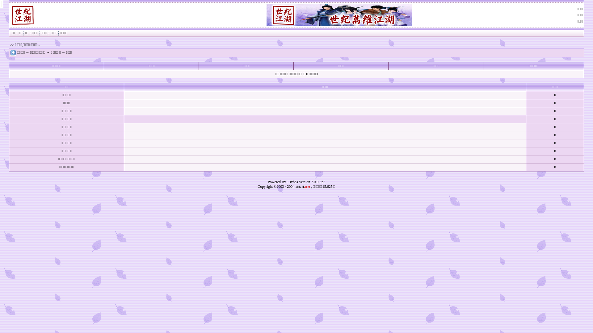  What do you see at coordinates (302, 186) in the screenshot?
I see `'169JH.com'` at bounding box center [302, 186].